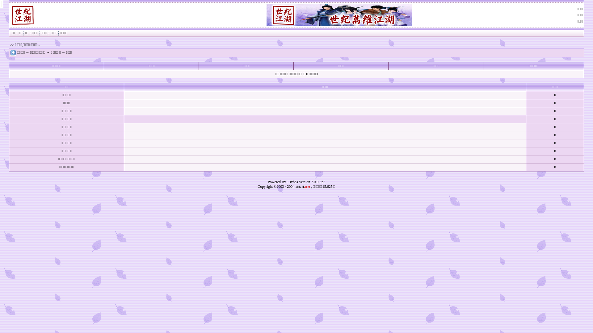  What do you see at coordinates (302, 186) in the screenshot?
I see `'169JH.com'` at bounding box center [302, 186].